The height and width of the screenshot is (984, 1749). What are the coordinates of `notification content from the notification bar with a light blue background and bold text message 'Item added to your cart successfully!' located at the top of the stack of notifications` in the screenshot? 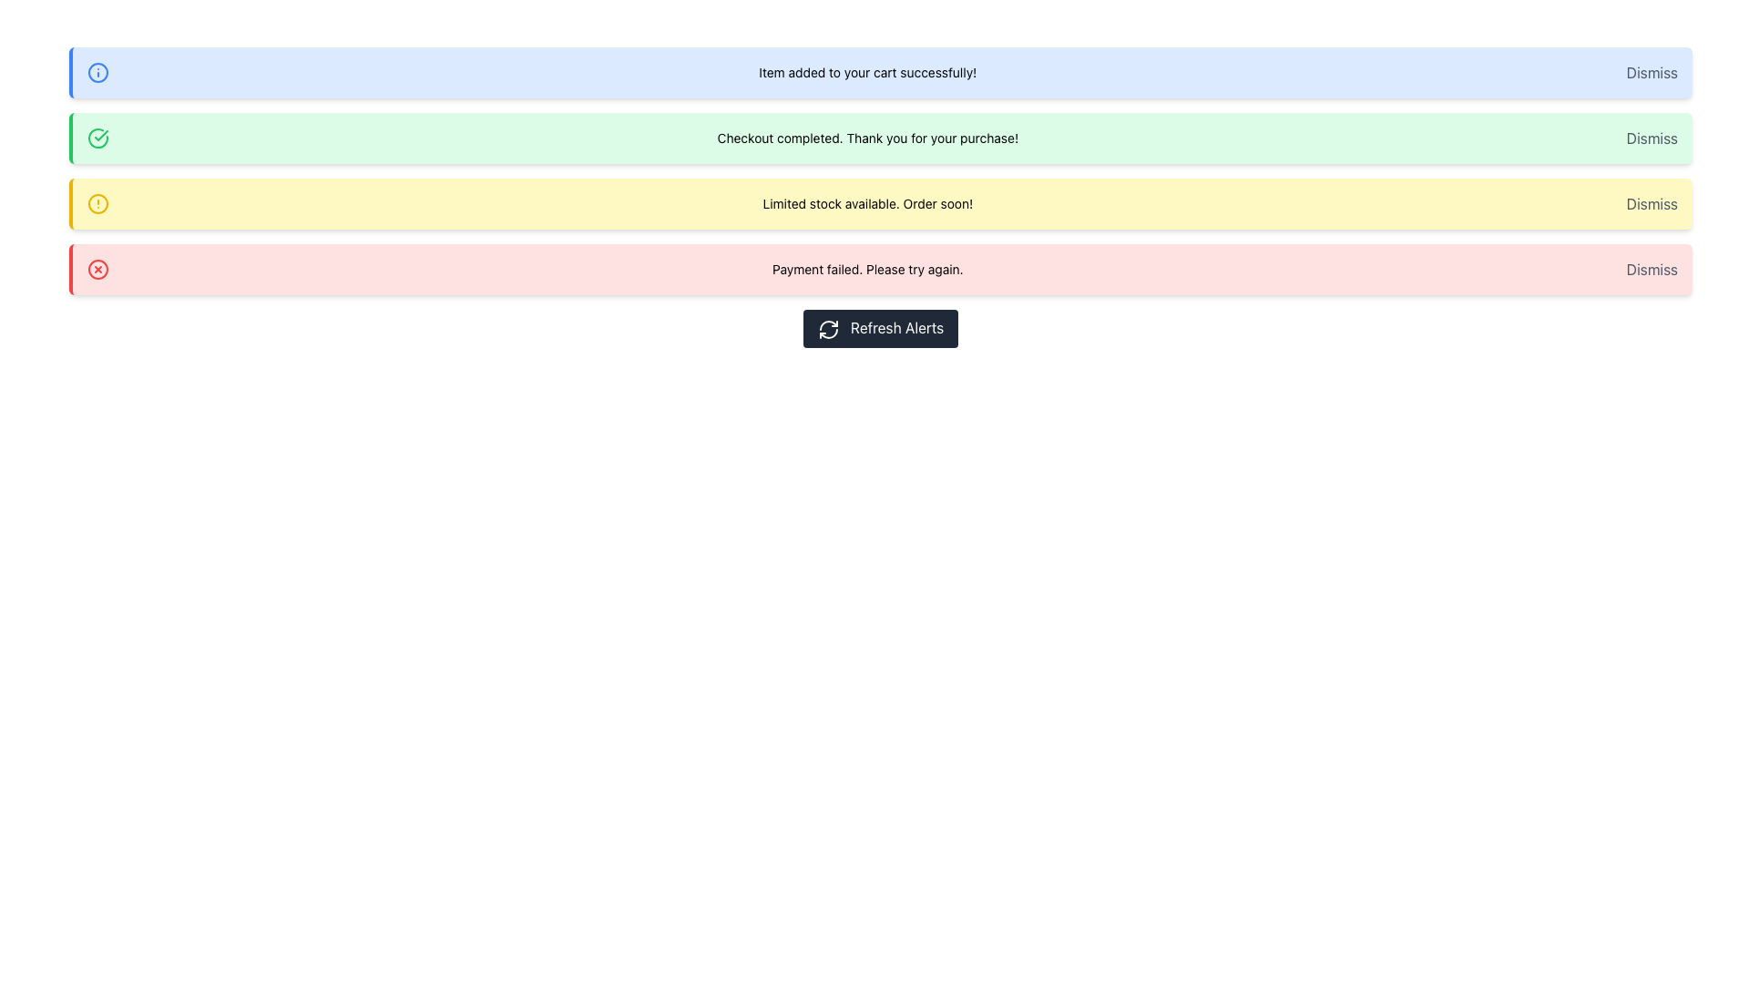 It's located at (880, 72).